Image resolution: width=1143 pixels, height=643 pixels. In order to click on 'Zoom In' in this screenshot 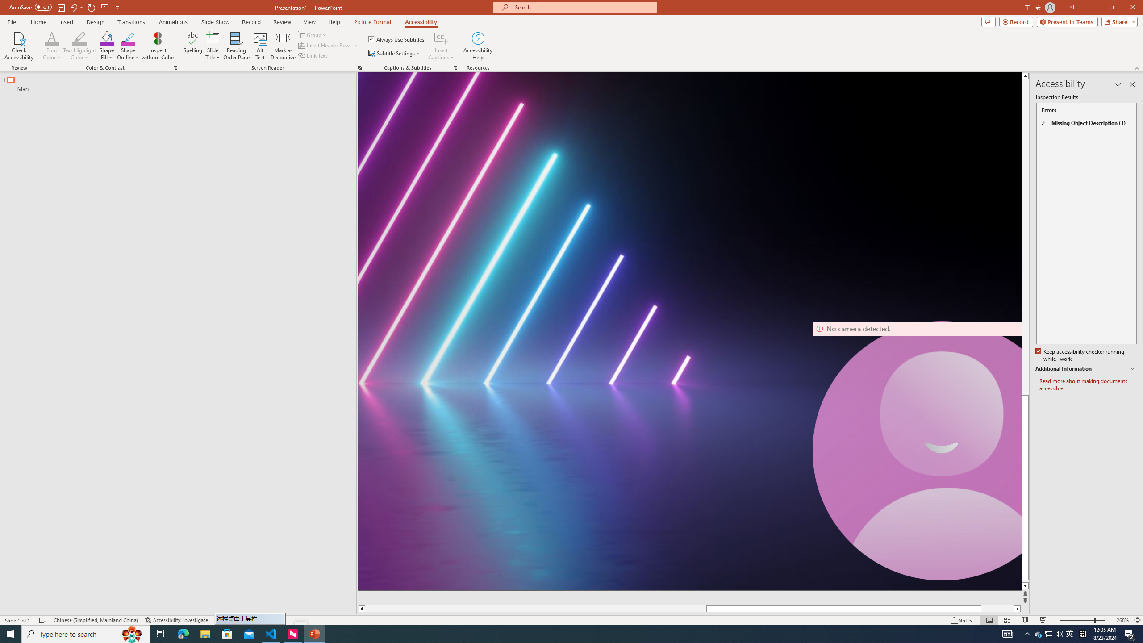, I will do `click(1109, 620)`.